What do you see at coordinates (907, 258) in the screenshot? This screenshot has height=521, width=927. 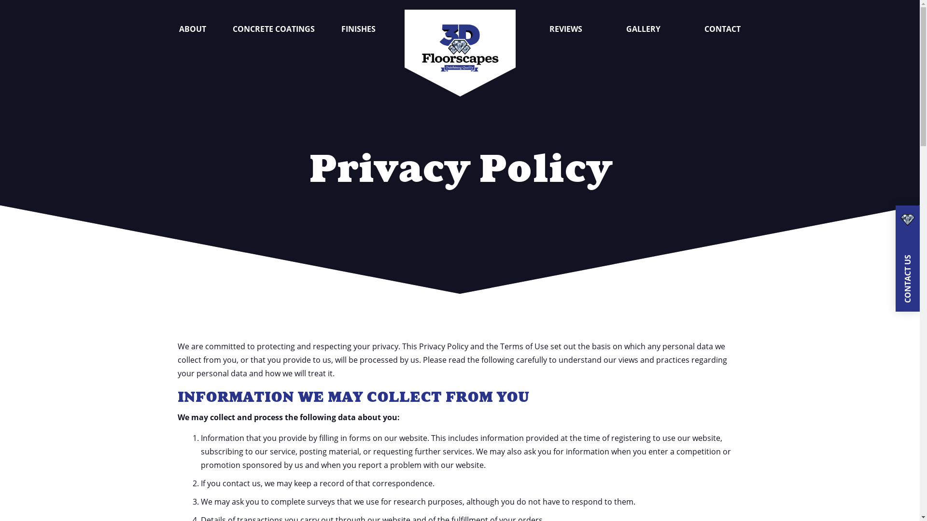 I see `'CONTACT US'` at bounding box center [907, 258].